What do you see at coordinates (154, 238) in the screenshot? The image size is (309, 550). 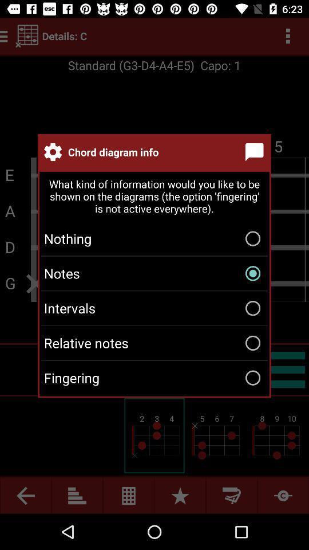 I see `the icon below the what kind of icon` at bounding box center [154, 238].